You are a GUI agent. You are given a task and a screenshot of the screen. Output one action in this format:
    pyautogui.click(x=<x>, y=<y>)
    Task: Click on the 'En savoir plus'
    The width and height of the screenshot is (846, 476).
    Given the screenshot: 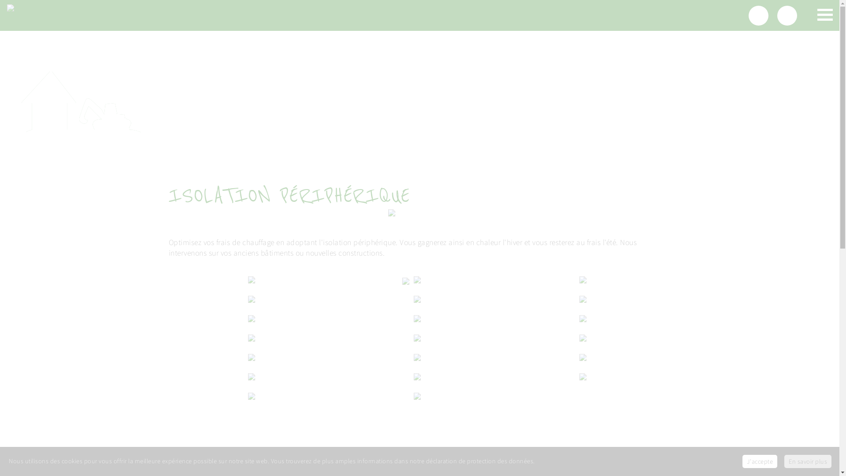 What is the action you would take?
    pyautogui.click(x=784, y=461)
    